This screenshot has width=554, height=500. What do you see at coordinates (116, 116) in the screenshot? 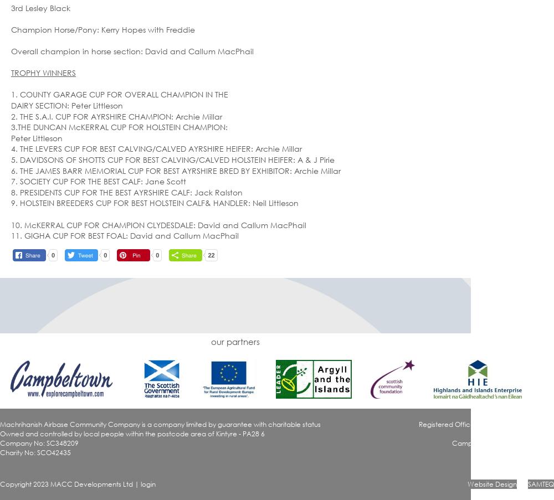
I see `'2. THE S.A.I. CUP FOR AYRSHIRE CHAMPION: Archie Millar'` at bounding box center [116, 116].